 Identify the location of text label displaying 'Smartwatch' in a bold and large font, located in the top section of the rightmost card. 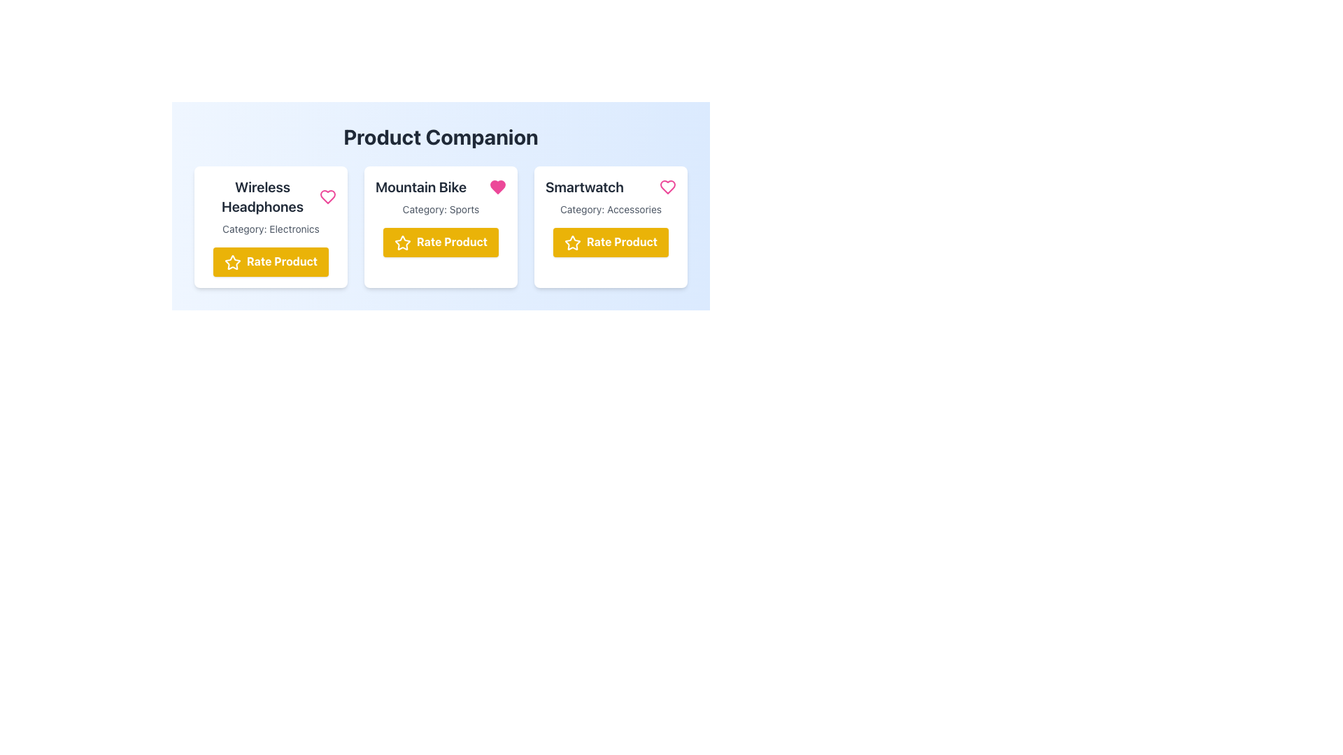
(584, 186).